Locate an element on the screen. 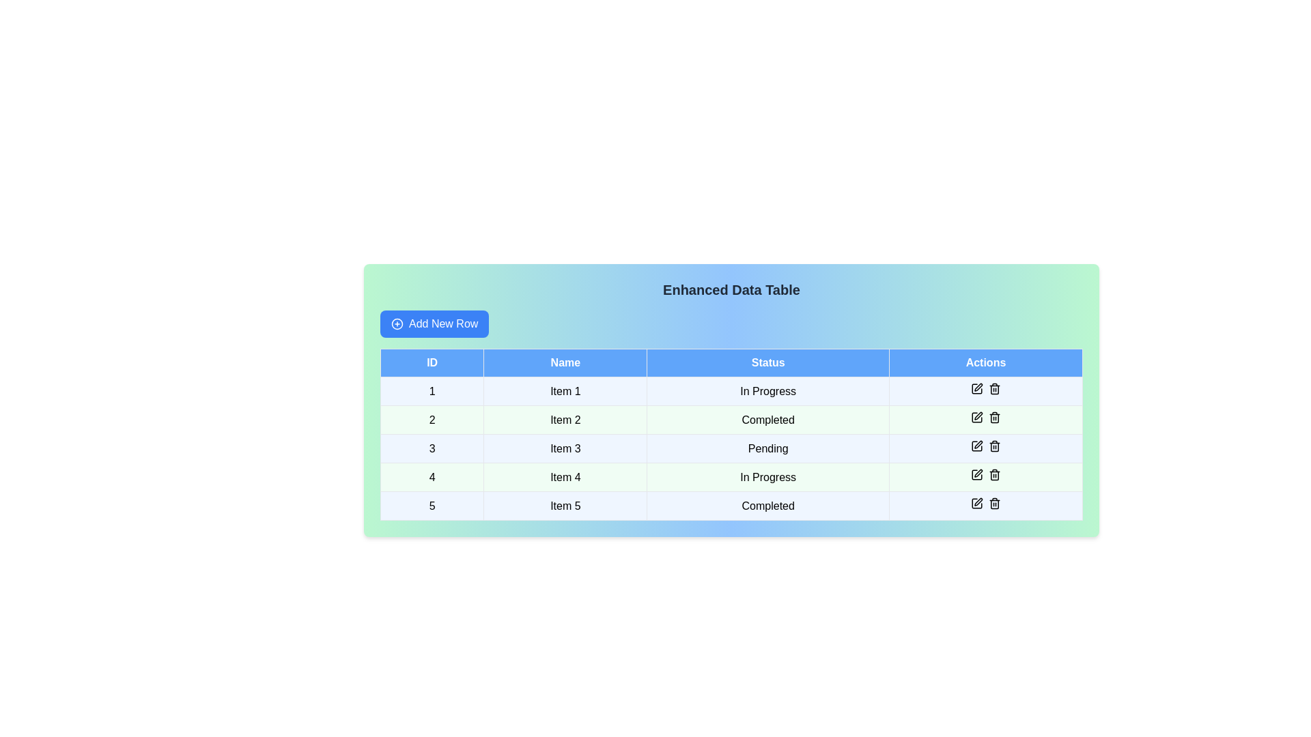  the table cell displaying the numeral '2' in bold black font, located in the second row and first column of the table is located at coordinates (432, 419).